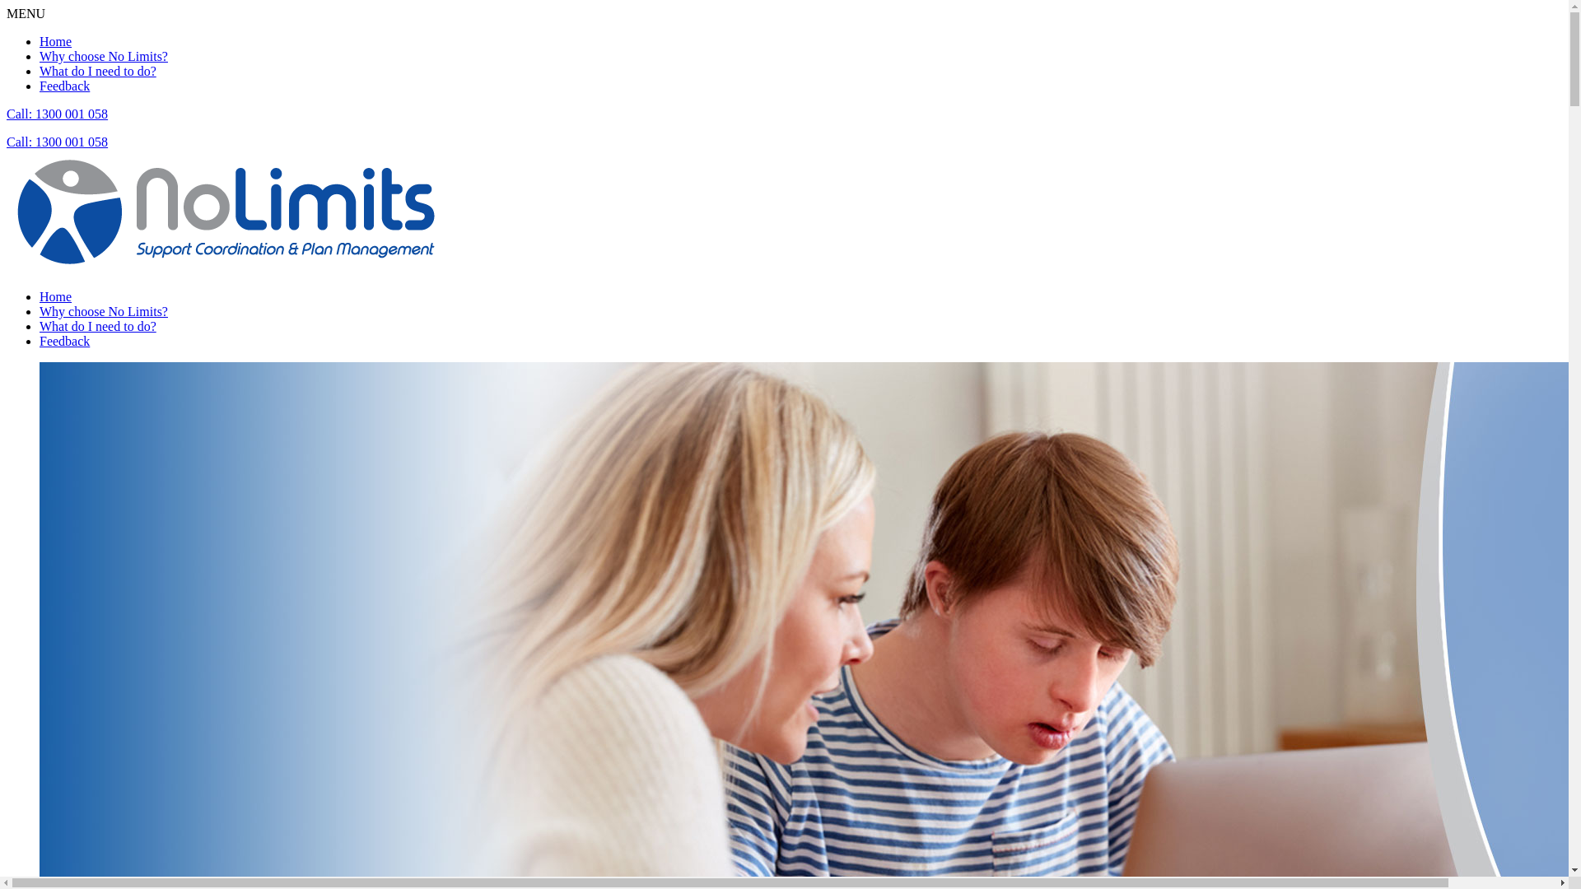  What do you see at coordinates (40, 86) in the screenshot?
I see `'Feedback'` at bounding box center [40, 86].